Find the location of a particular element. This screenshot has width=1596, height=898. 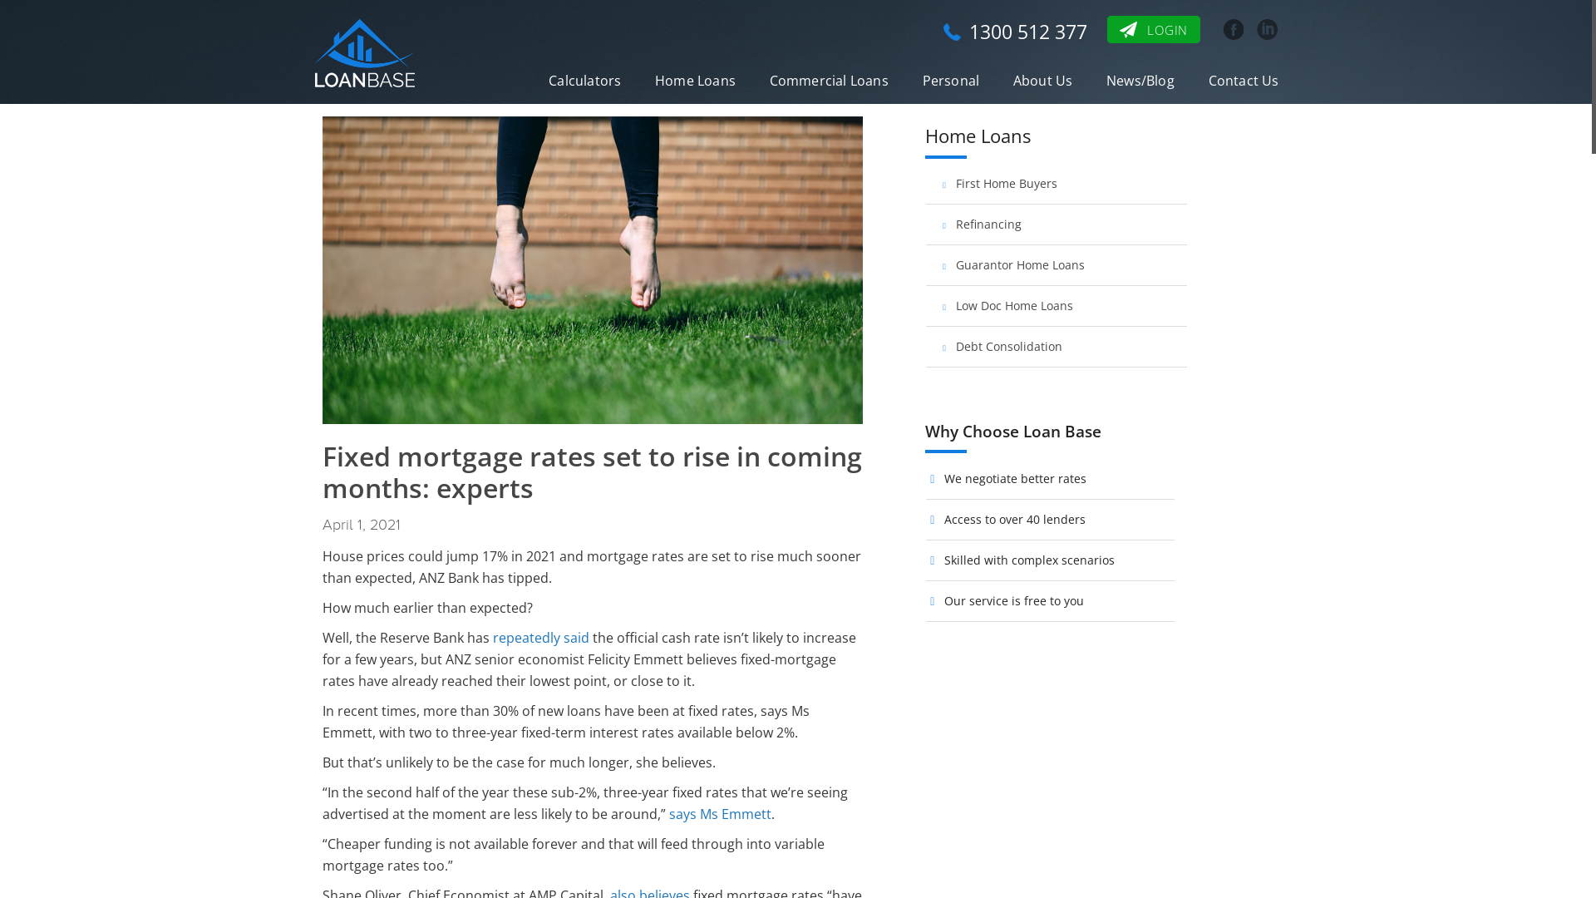

'says Ms Emmett' is located at coordinates (719, 813).